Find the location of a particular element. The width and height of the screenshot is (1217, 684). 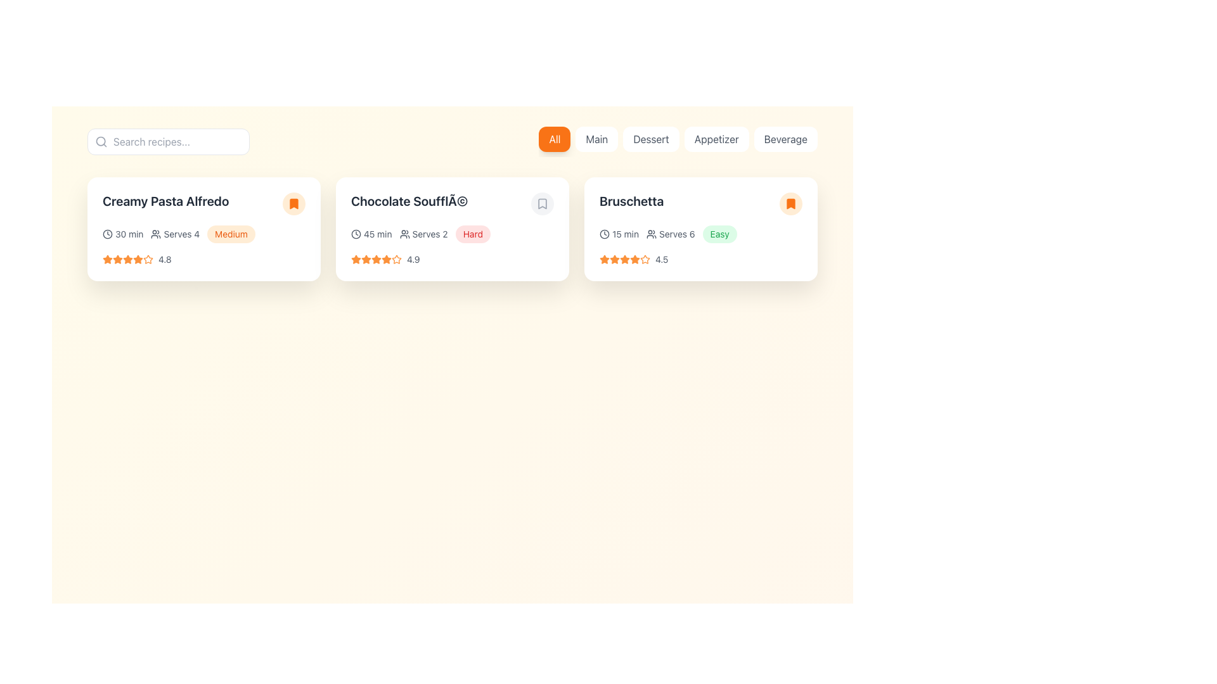

the difficulty level label indicating the preparation challenge for the 'Bruschetta' recipe, located in the middle-right of the card, slightly above the center is located at coordinates (719, 234).